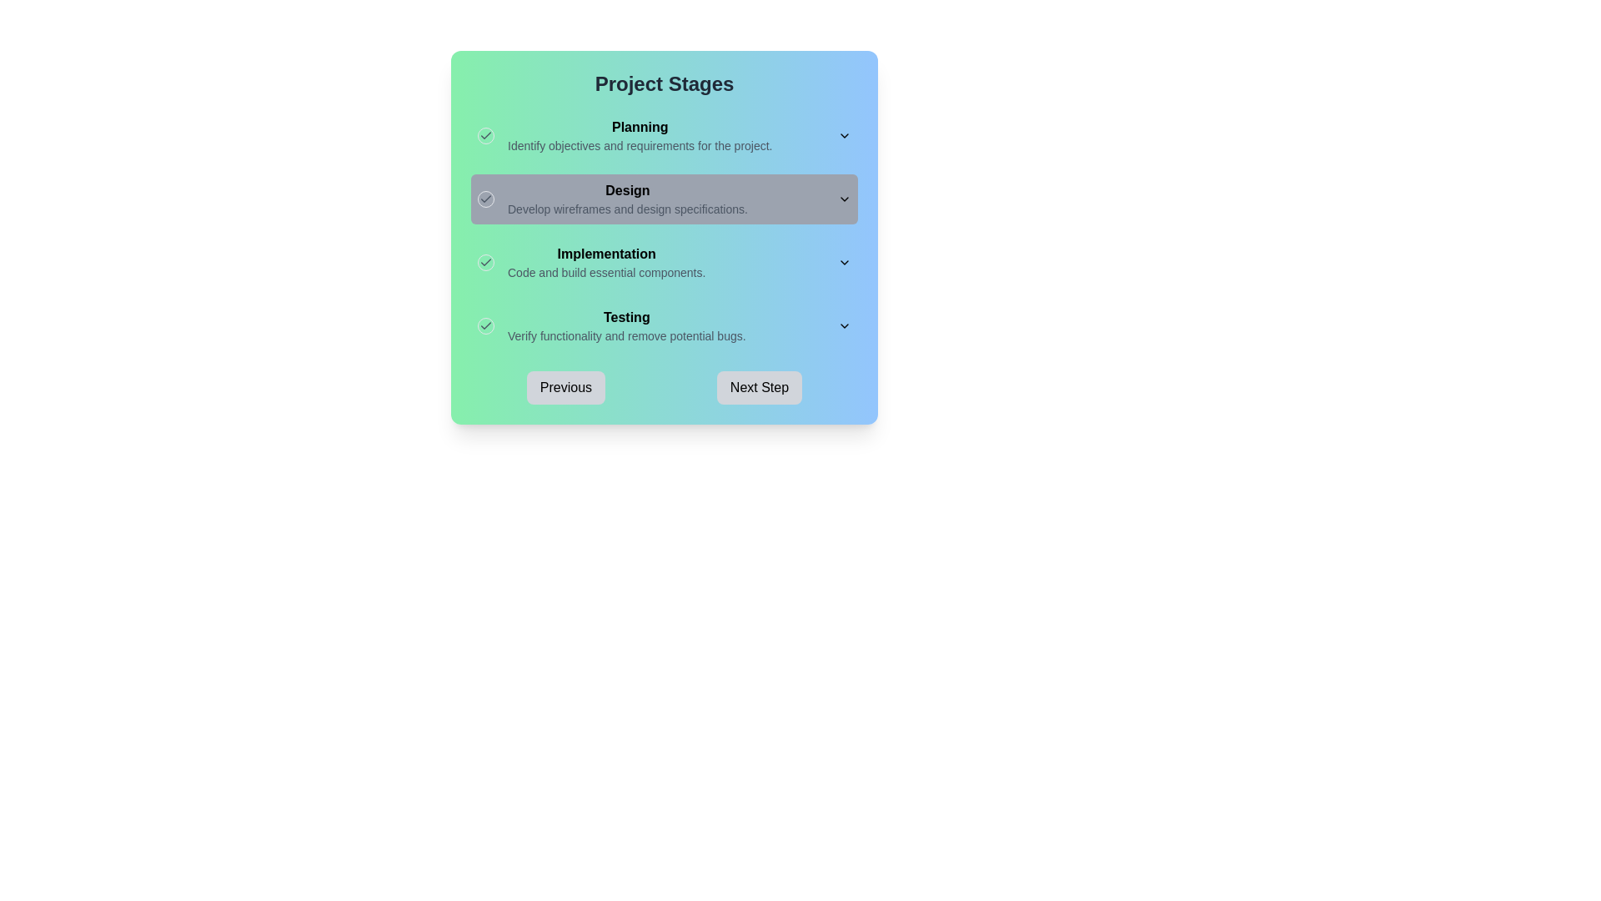 The width and height of the screenshot is (1601, 901). I want to click on the dropdown toggle button, which is a small down arrow icon located to the far right of the text 'Testing', so click(844, 325).